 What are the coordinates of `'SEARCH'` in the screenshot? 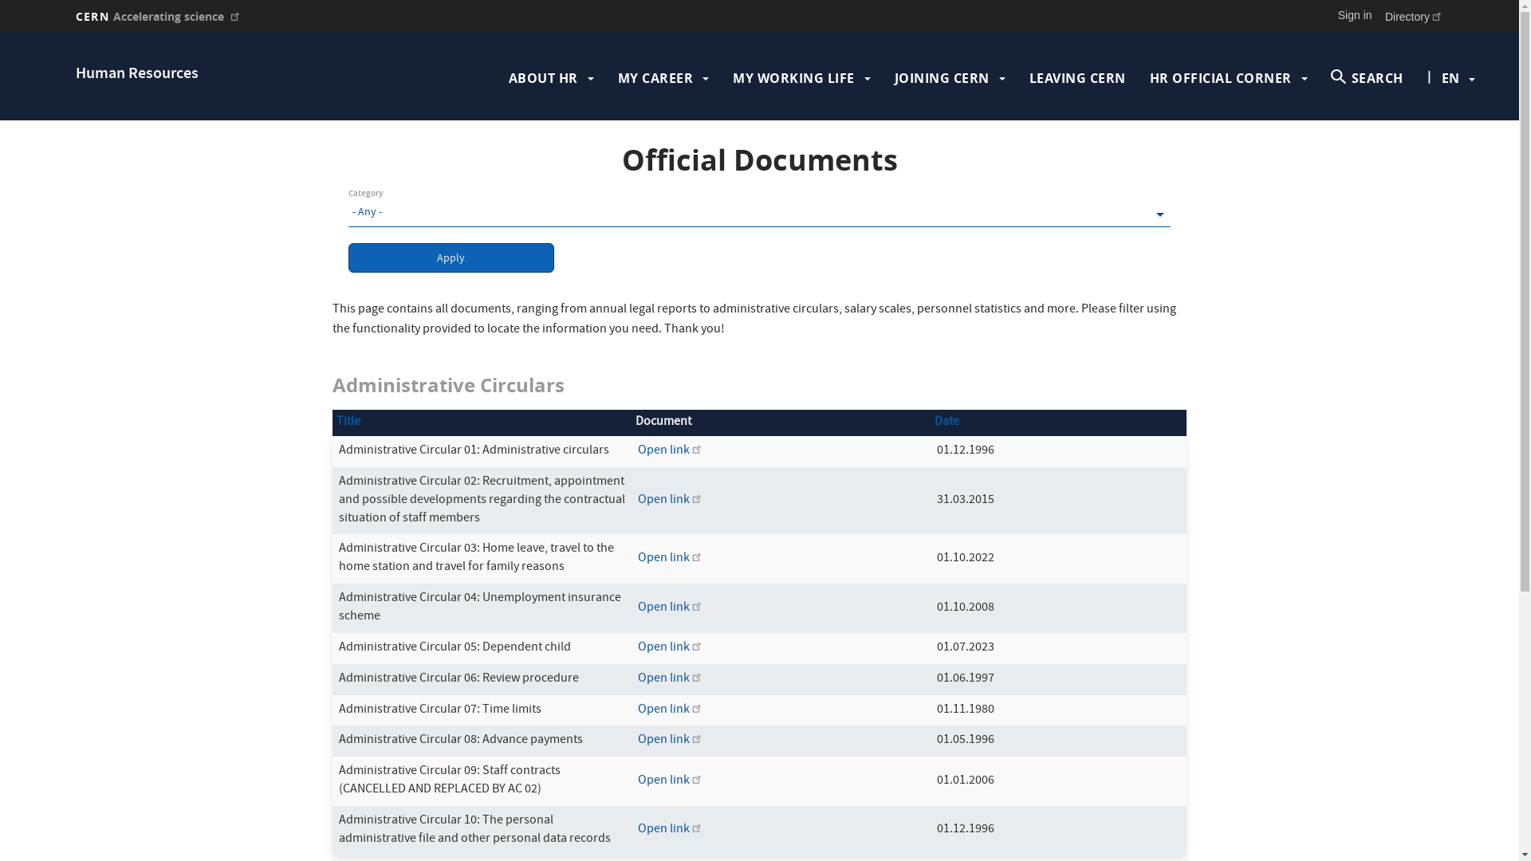 It's located at (1366, 77).